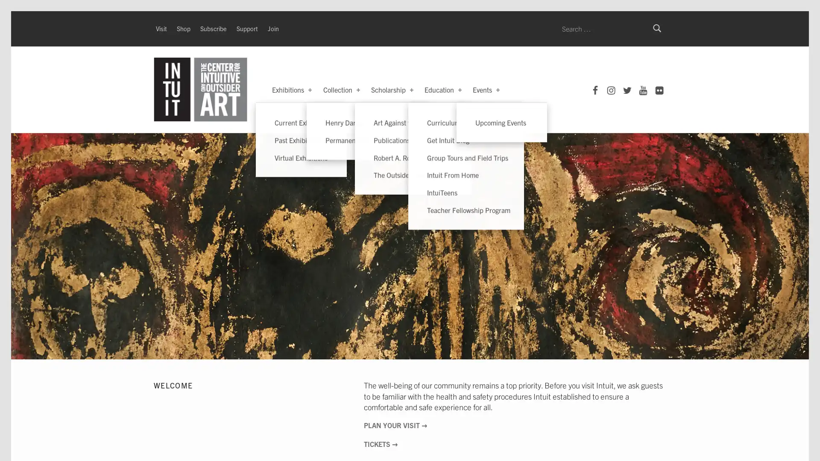 The width and height of the screenshot is (820, 461). I want to click on Search, so click(656, 23).